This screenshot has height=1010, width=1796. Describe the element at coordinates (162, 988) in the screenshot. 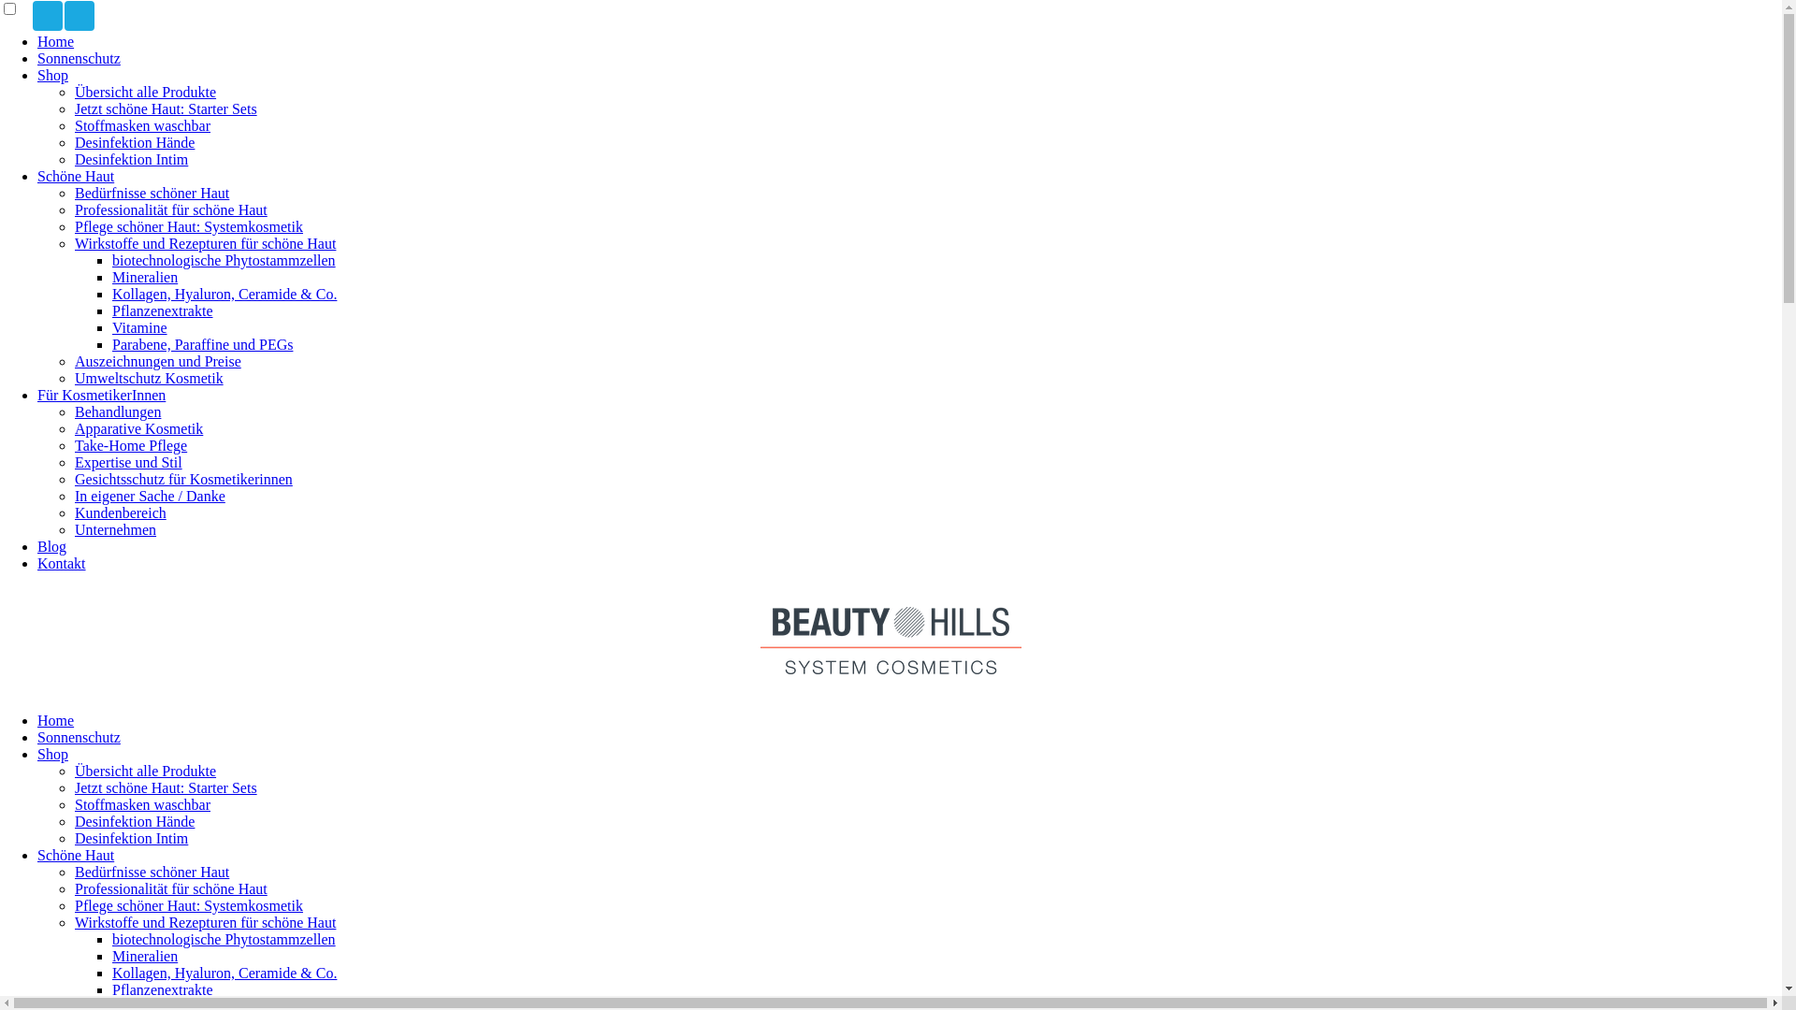

I see `'Pflanzenextrakte'` at that location.